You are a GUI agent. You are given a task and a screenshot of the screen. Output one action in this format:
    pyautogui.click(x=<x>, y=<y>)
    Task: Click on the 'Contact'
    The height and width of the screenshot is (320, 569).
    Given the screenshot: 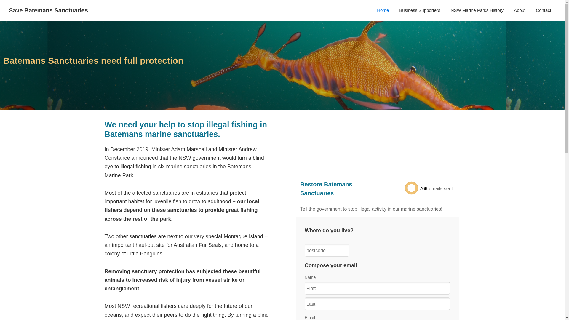 What is the action you would take?
    pyautogui.click(x=543, y=10)
    